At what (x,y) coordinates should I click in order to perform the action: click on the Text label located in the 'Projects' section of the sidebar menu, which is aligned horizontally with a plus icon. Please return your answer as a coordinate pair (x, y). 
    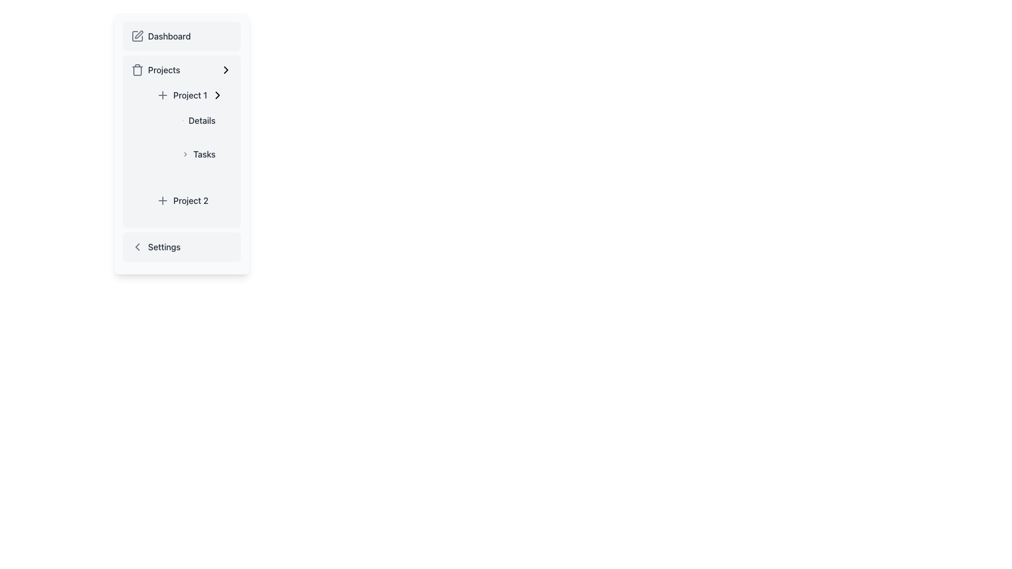
    Looking at the image, I should click on (191, 201).